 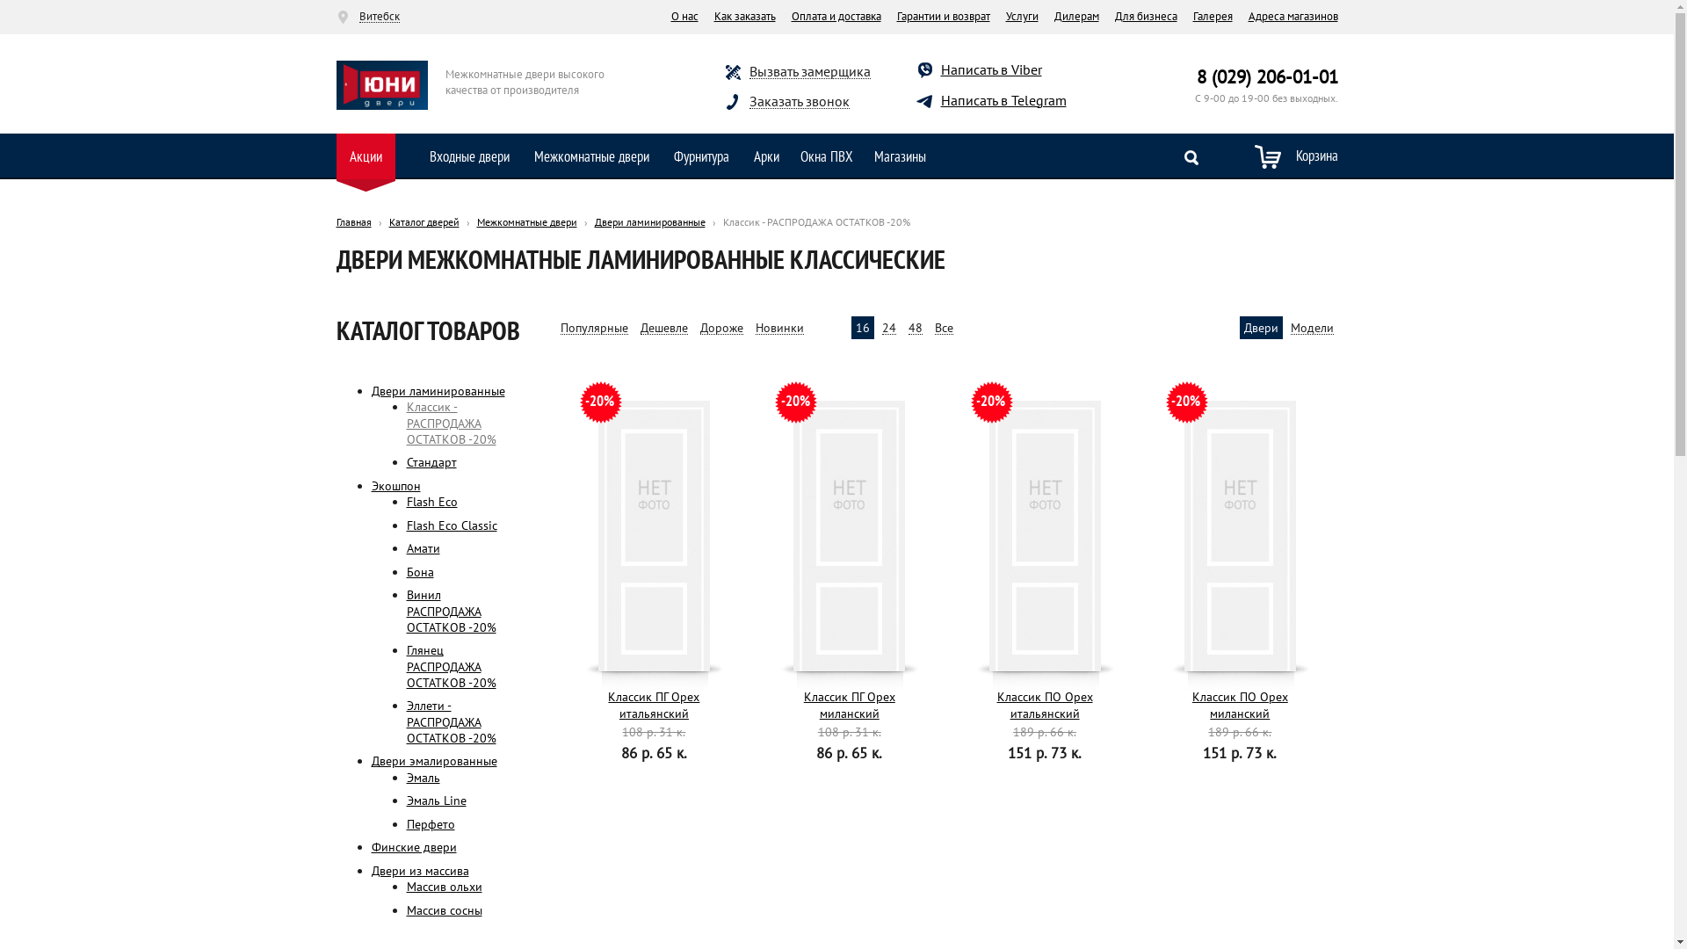 I want to click on '24', so click(x=889, y=328).